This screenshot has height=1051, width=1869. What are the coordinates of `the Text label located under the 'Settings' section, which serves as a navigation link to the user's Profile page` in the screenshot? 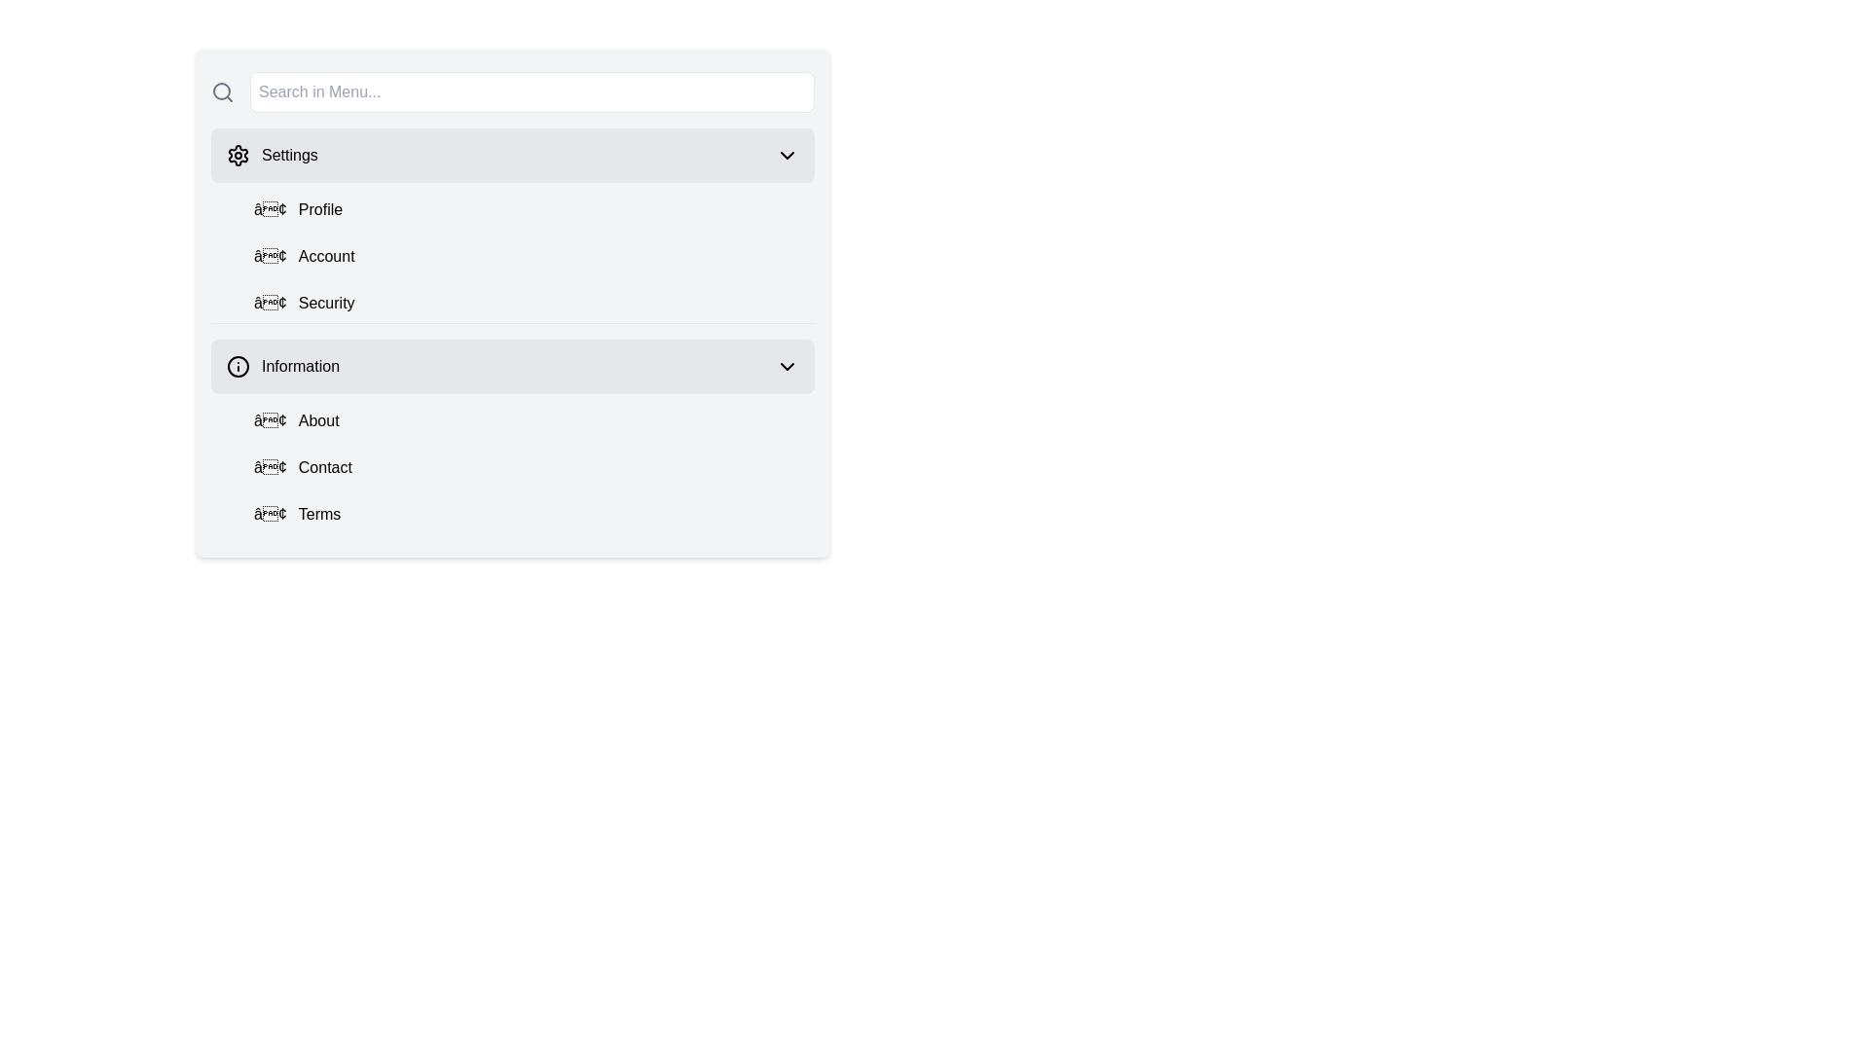 It's located at (320, 210).